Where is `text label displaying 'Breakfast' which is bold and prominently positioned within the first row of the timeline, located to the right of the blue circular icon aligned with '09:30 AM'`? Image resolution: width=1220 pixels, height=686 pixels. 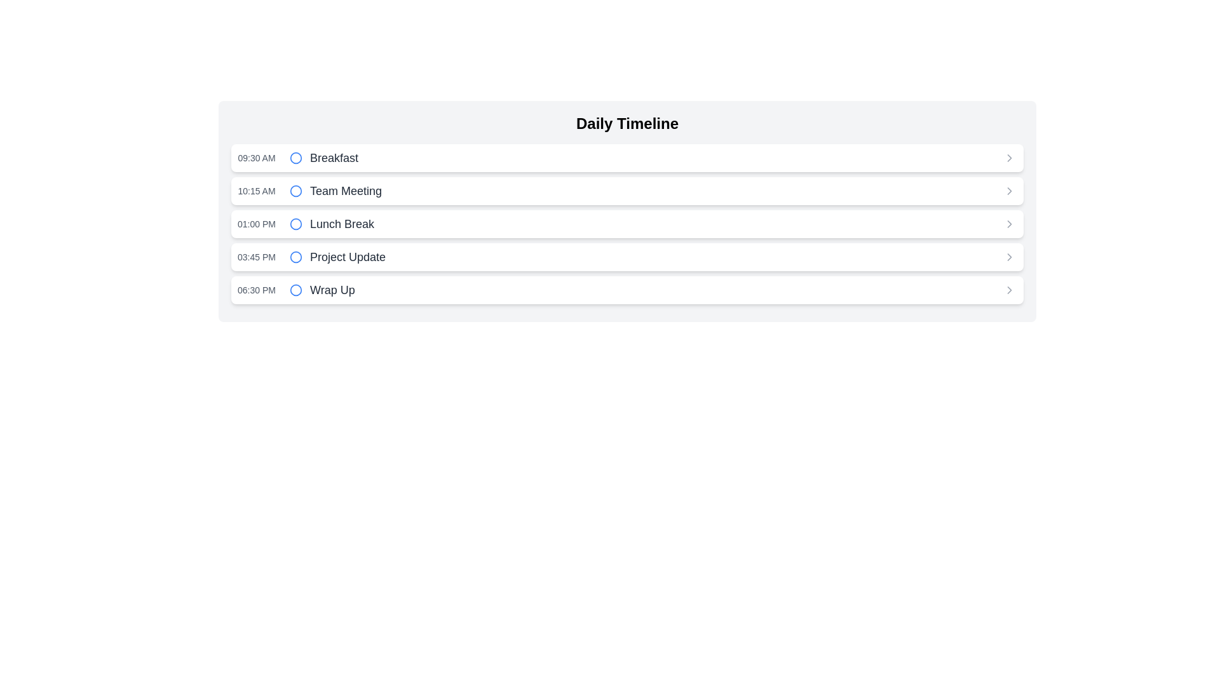
text label displaying 'Breakfast' which is bold and prominently positioned within the first row of the timeline, located to the right of the blue circular icon aligned with '09:30 AM' is located at coordinates (334, 158).